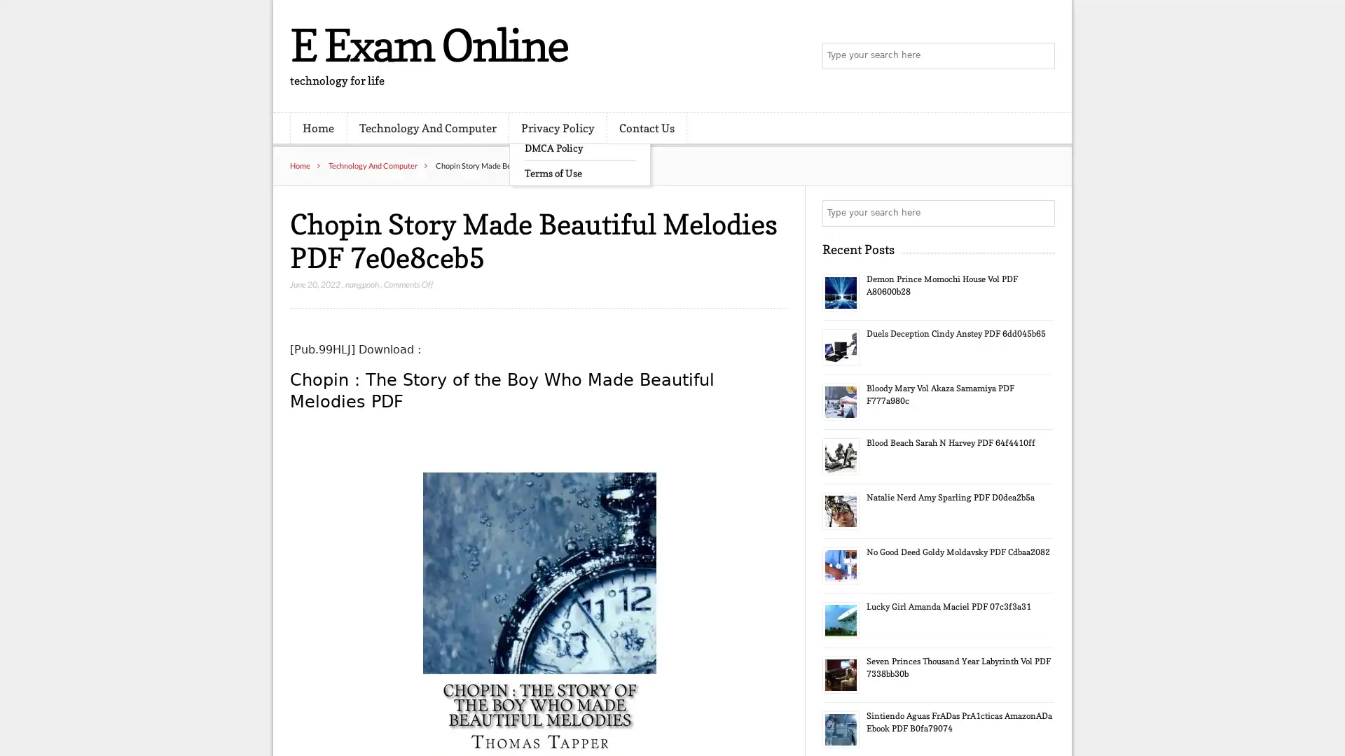  I want to click on Search, so click(1040, 213).